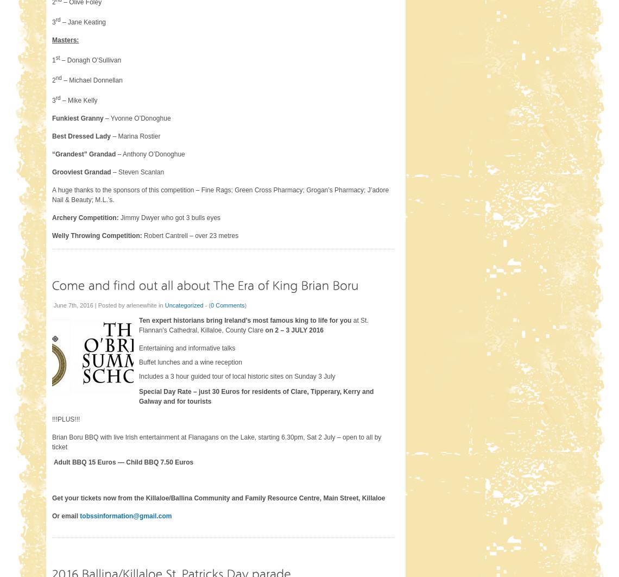 The height and width of the screenshot is (577, 619). Describe the element at coordinates (59, 60) in the screenshot. I see `'– Donagh O’Sullivan'` at that location.